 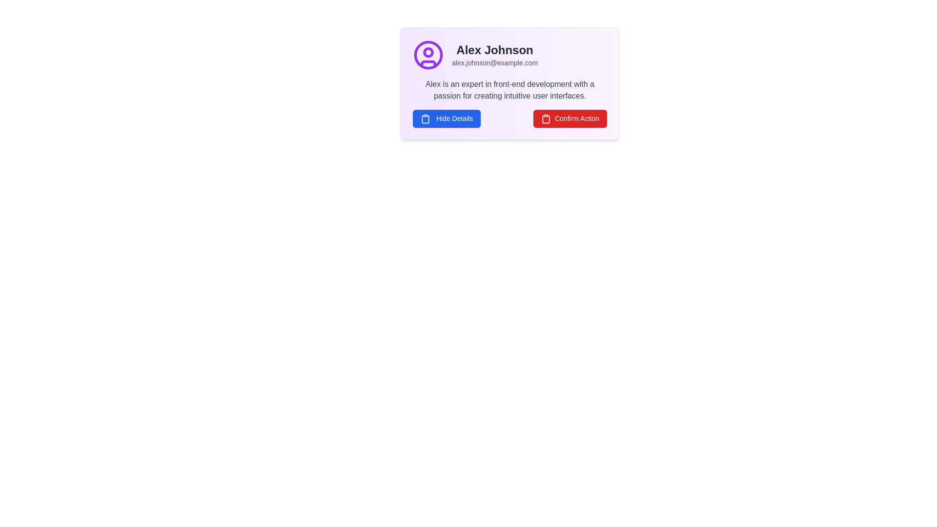 What do you see at coordinates (428, 64) in the screenshot?
I see `the decorative Icon component located within the user profile icon, positioned below the circular outline and to the left of the user's name` at bounding box center [428, 64].